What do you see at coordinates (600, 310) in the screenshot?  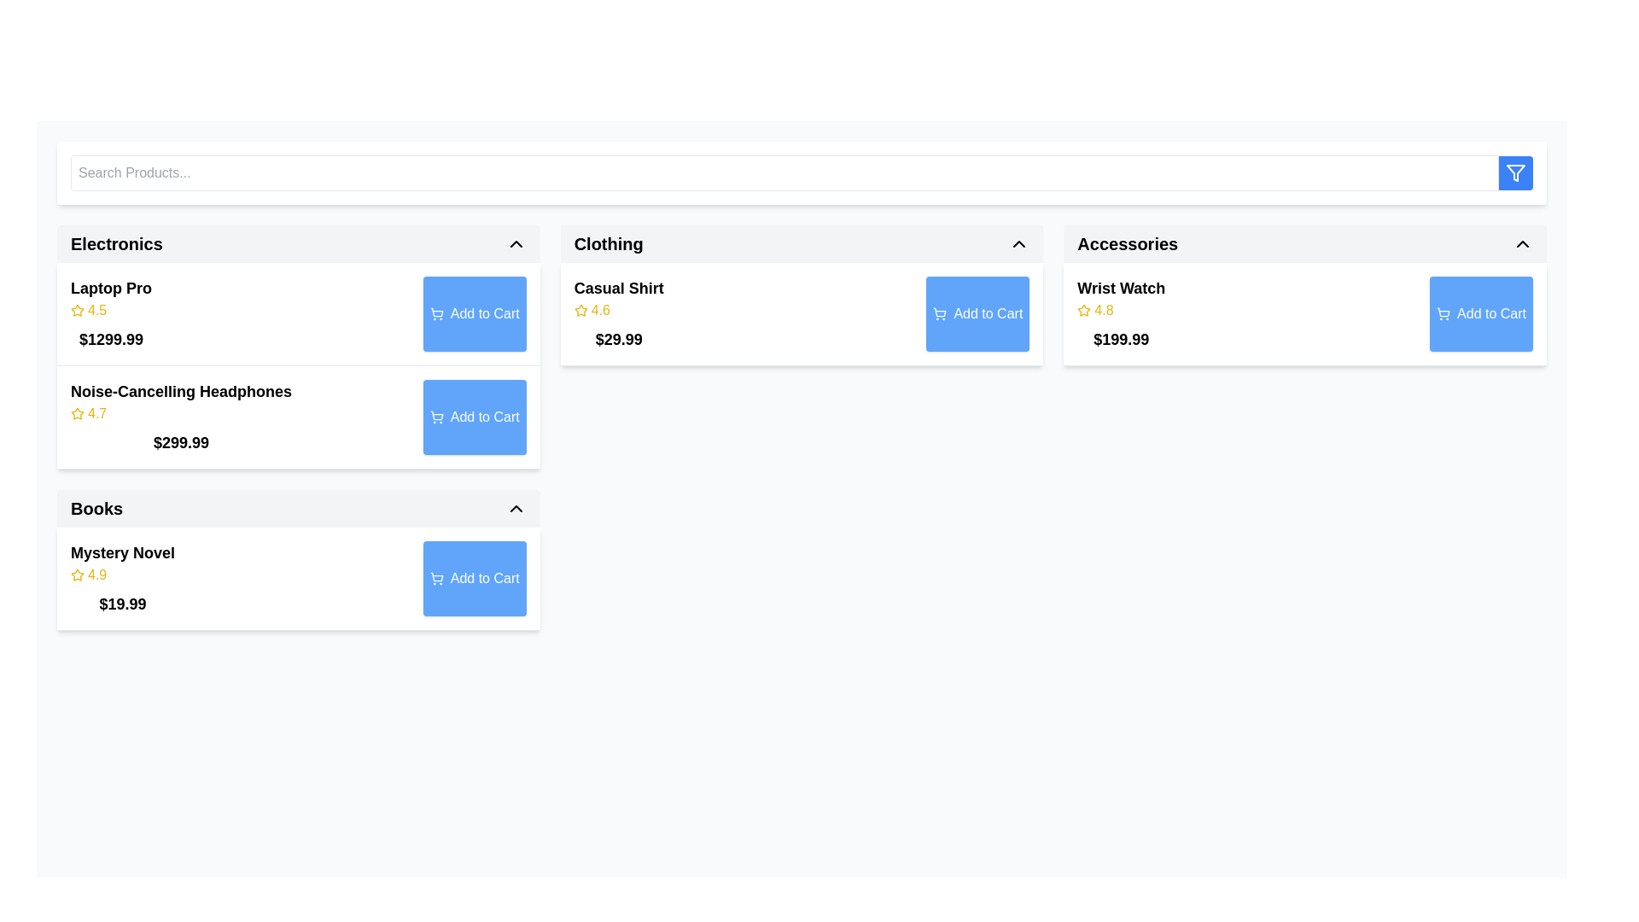 I see `the numerical rating score text located to the right of the yellow star icon in the rating section under the 'Clothing' category for the 'Casual Shirt' product` at bounding box center [600, 310].